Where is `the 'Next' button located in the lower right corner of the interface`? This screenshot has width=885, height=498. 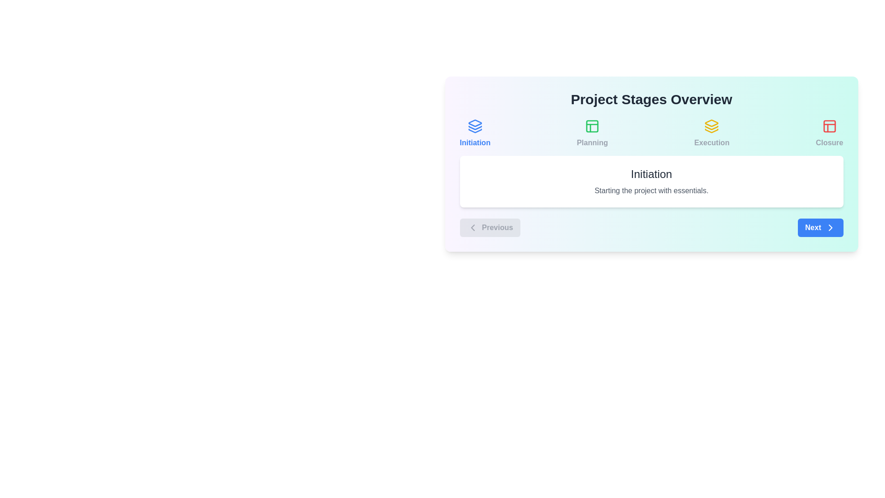
the 'Next' button located in the lower right corner of the interface is located at coordinates (820, 227).